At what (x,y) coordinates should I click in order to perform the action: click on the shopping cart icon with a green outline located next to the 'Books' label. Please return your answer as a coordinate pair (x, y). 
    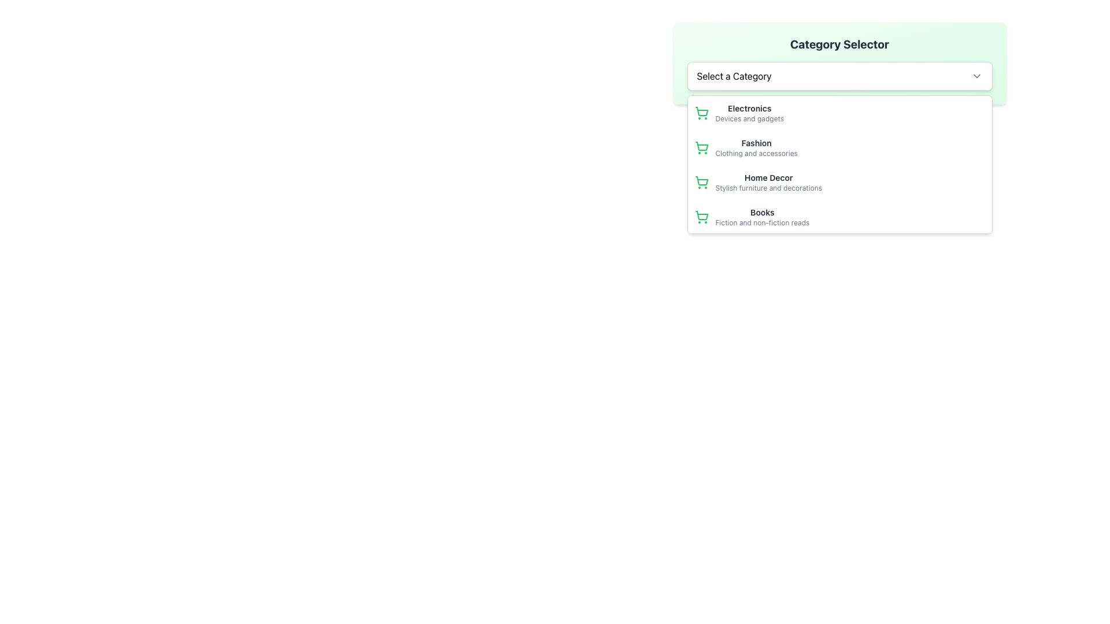
    Looking at the image, I should click on (701, 217).